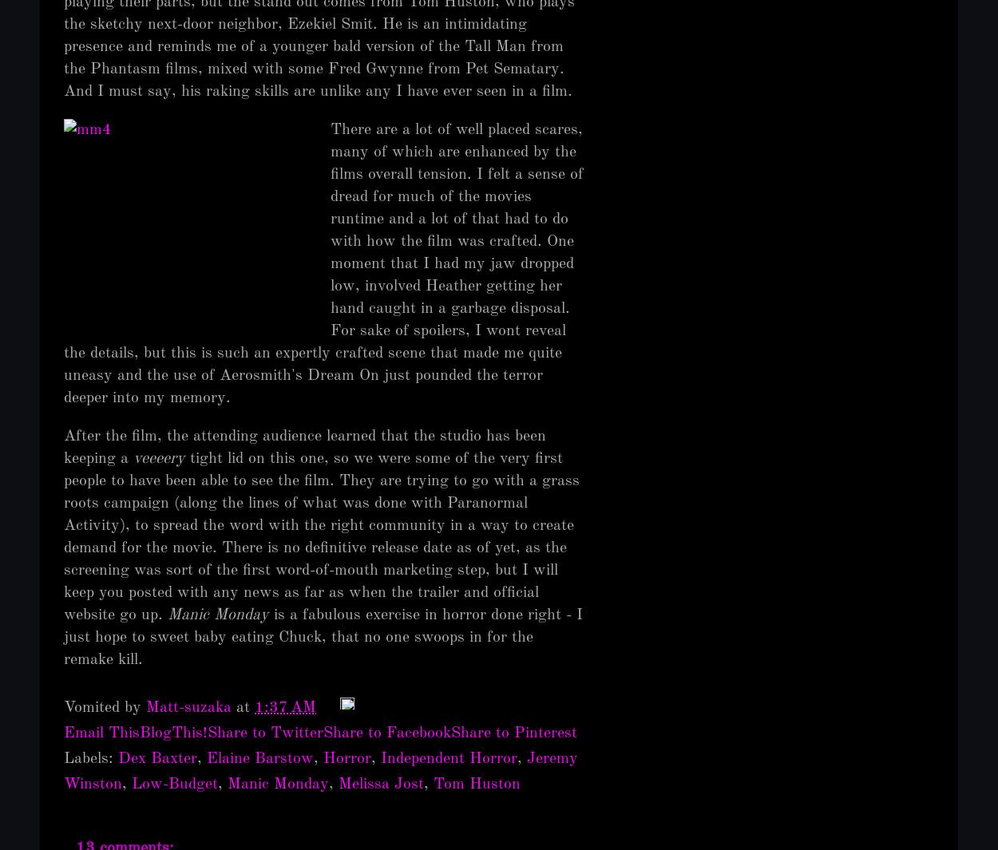 The height and width of the screenshot is (850, 998). I want to click on 'Low-Budget', so click(174, 784).